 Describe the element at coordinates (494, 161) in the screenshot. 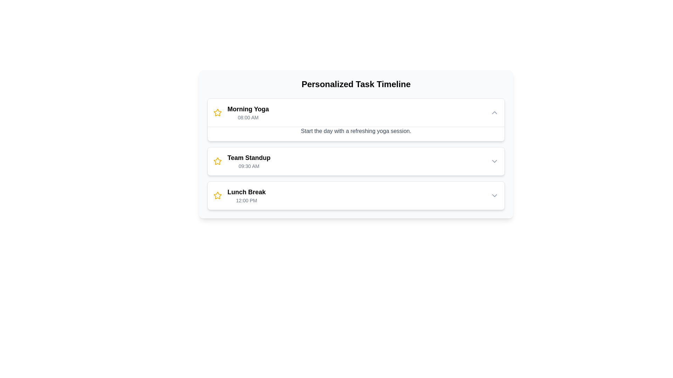

I see `the chevron icon in the top-right corner of the 'Team Standup' task card` at that location.